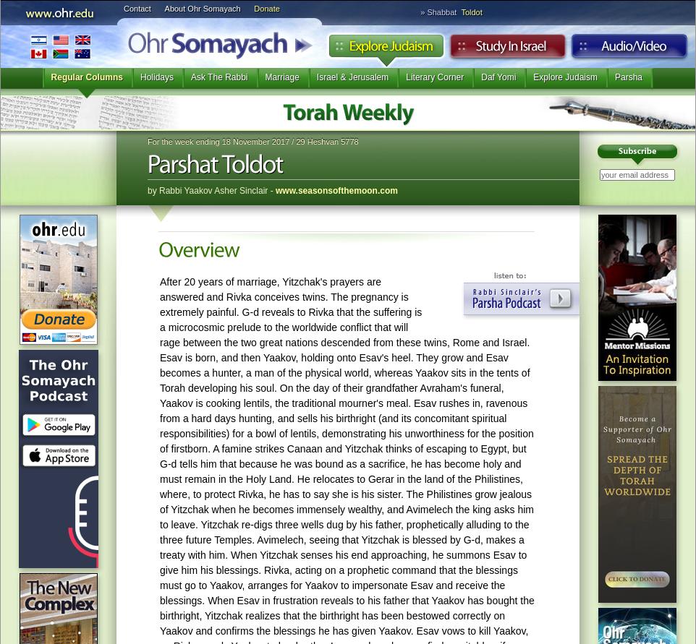 The width and height of the screenshot is (696, 644). Describe the element at coordinates (346, 379) in the screenshot. I see `'reveals to Rivka that the suffering is a microcosmic prelude to the worldwide conflict that will rage between the two great nations descended from these twins, Rome and Israel. Esav is born, and then Yaakov, holding onto Esav's heel. They grow and Esav becomes a hunter, a man of the physical world, whereas Yaakov sits in the tents of Torah developing his soul. On the day of their grandfather Avraham's funeral, Yaakov is cooking lentils, the traditional mourner's meal. Esav rushes in, ravenous from a hard days hunting, and sells his birthright (and its concomitant spiritual responsibilities) for a bowl of lentils, demonstrating his unworthiness for the position of firstborn. A famine strikes Canaan and Yitzchak thinks of escaping to Egypt, but'` at that location.